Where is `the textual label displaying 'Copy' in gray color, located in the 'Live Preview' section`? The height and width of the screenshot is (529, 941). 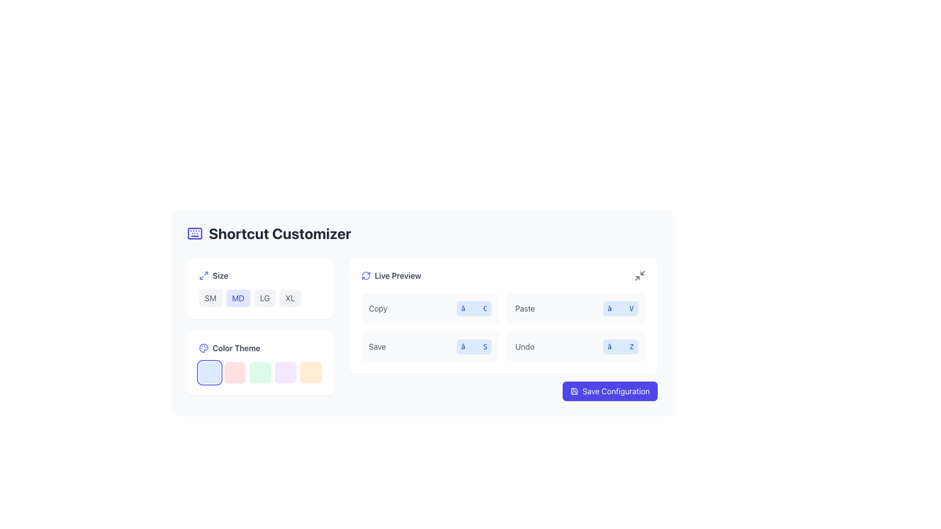
the textual label displaying 'Copy' in gray color, located in the 'Live Preview' section is located at coordinates (377, 308).